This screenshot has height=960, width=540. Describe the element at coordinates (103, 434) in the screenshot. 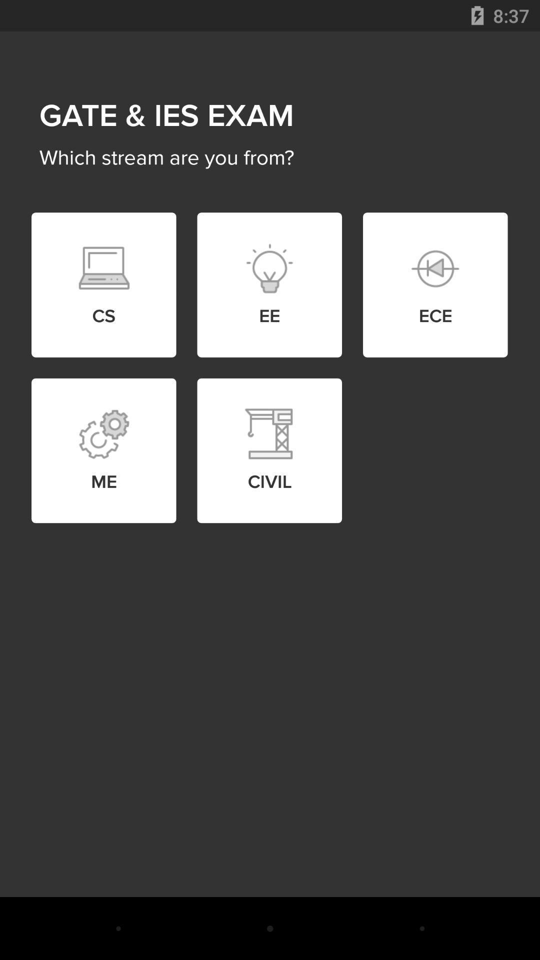

I see `me` at that location.